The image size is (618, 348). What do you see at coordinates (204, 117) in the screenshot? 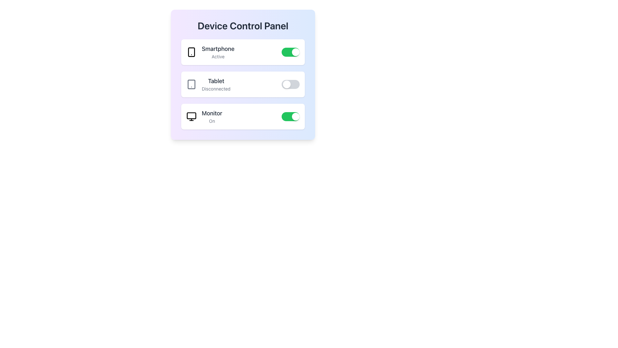
I see `the Composite informational display element that includes a monitor icon and the text 'Monitor' and 'On'` at bounding box center [204, 117].